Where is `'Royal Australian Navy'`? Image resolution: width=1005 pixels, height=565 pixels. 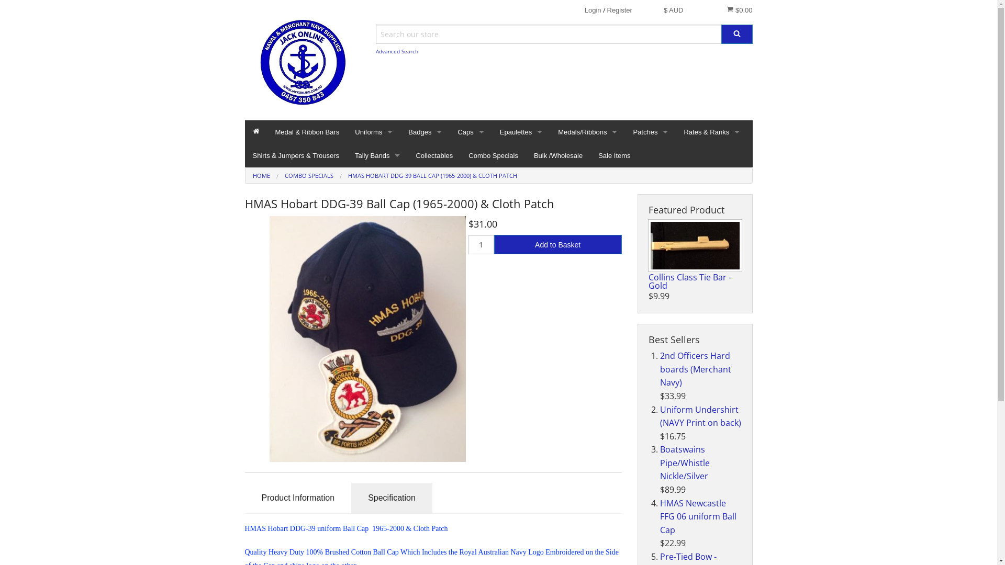 'Royal Australian Navy' is located at coordinates (521, 215).